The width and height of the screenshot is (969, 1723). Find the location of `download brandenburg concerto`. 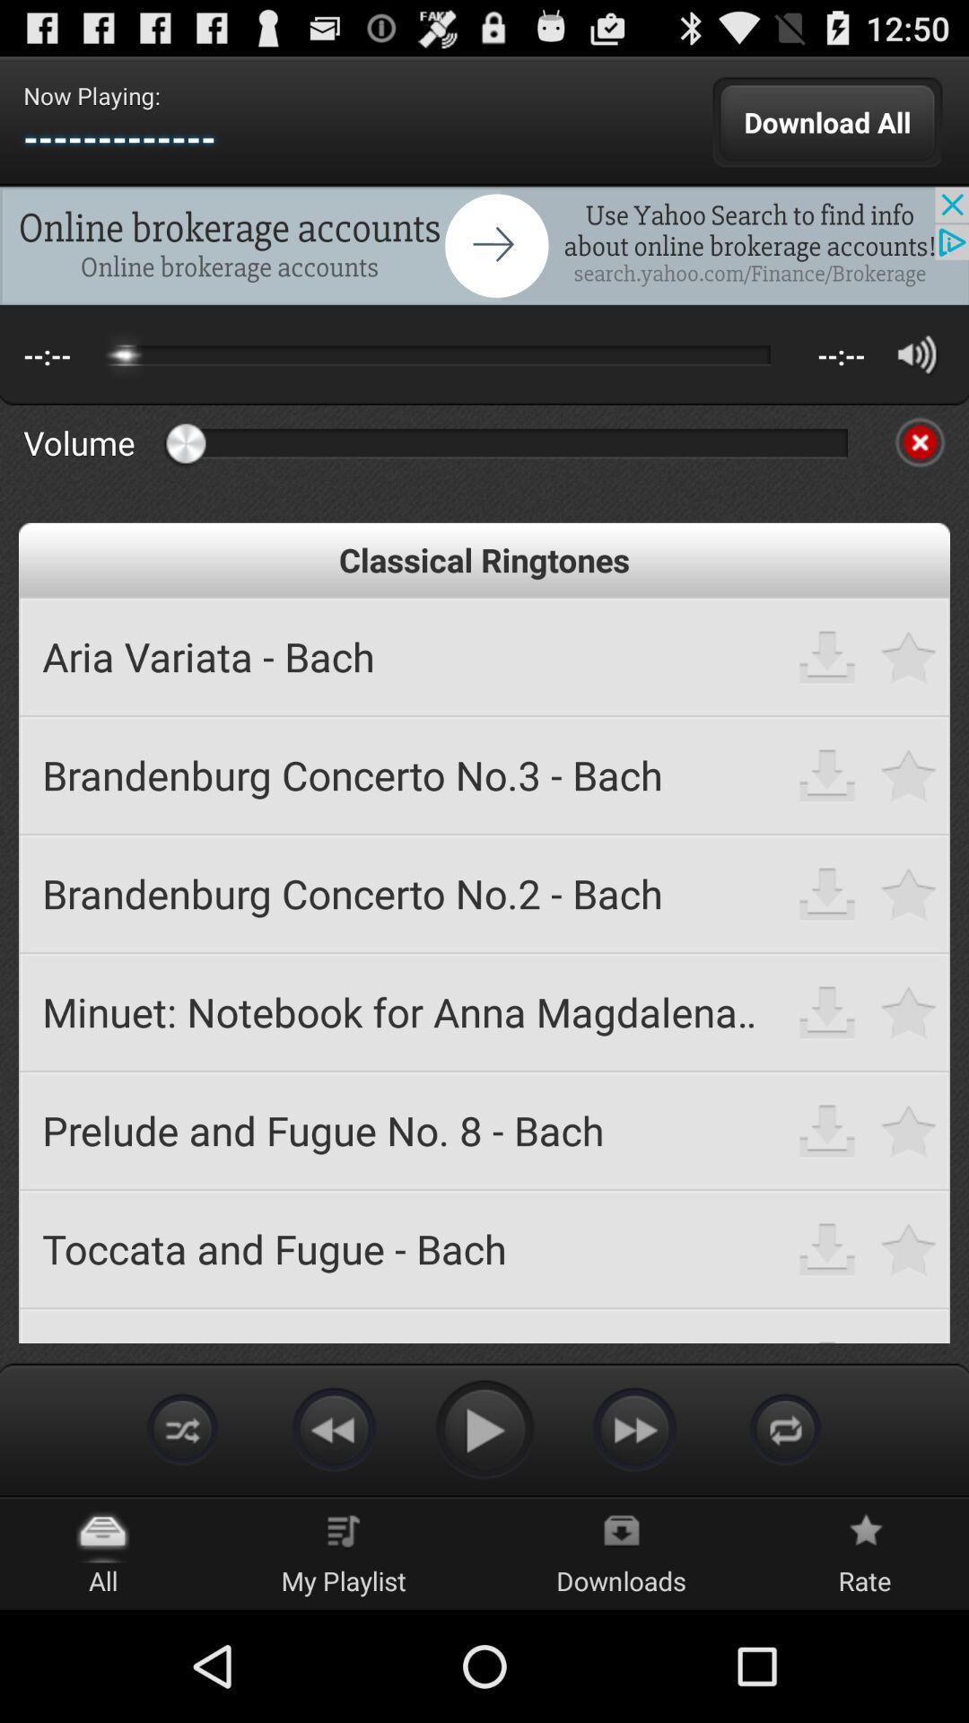

download brandenburg concerto is located at coordinates (827, 893).